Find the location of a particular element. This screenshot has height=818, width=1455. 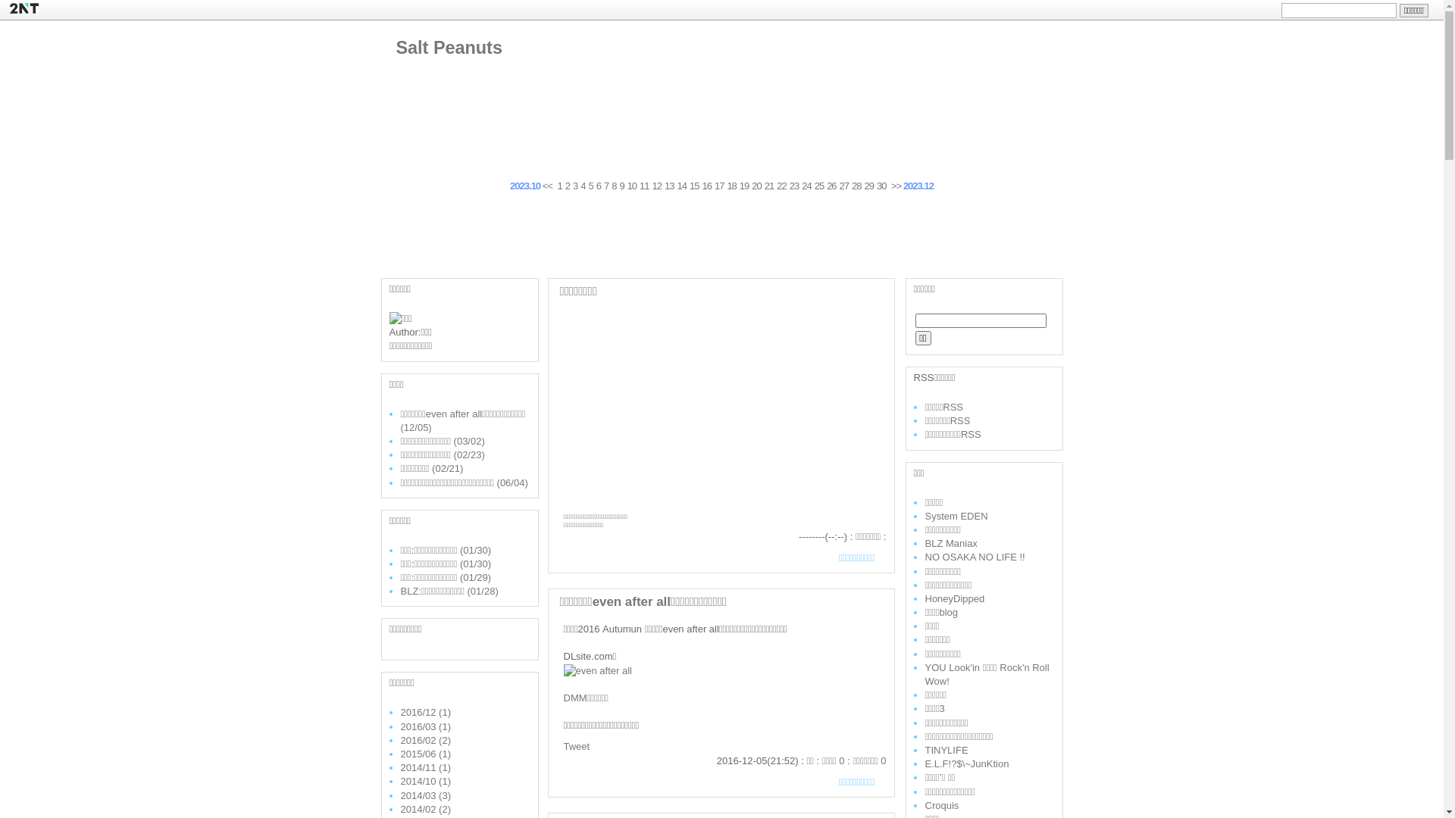

'2014/03 (3)' is located at coordinates (424, 795).